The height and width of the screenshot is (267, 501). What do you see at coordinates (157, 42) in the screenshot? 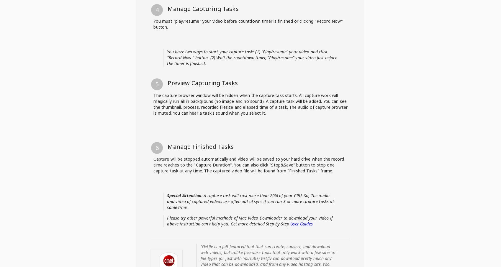
I see `'2'` at bounding box center [157, 42].